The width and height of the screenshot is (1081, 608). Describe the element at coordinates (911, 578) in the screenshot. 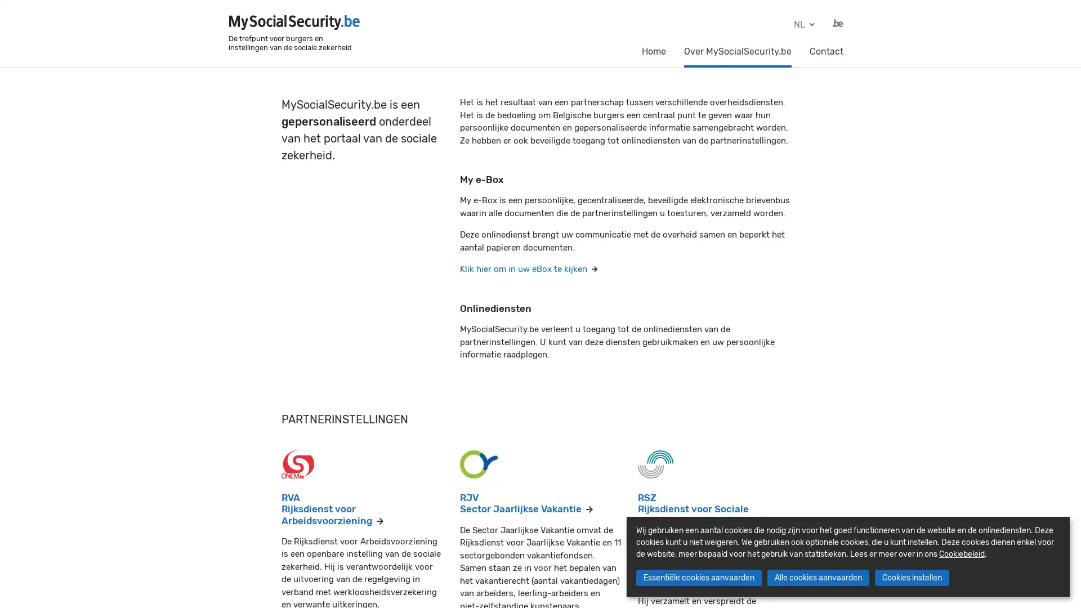

I see `Cookies instellen` at that location.